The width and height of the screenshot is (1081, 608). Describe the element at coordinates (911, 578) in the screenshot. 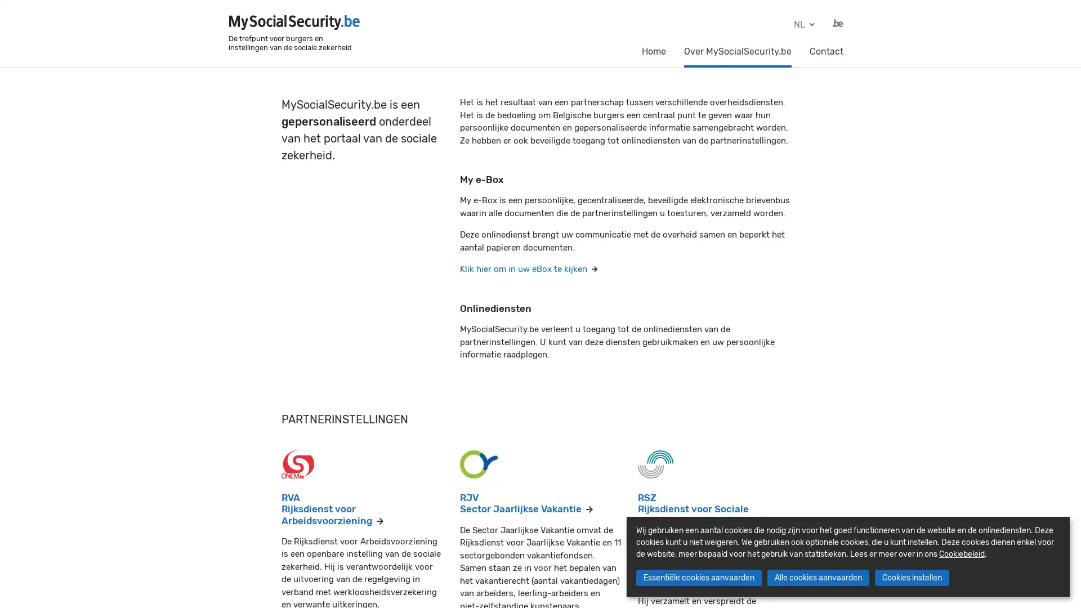

I see `Cookies instellen` at that location.